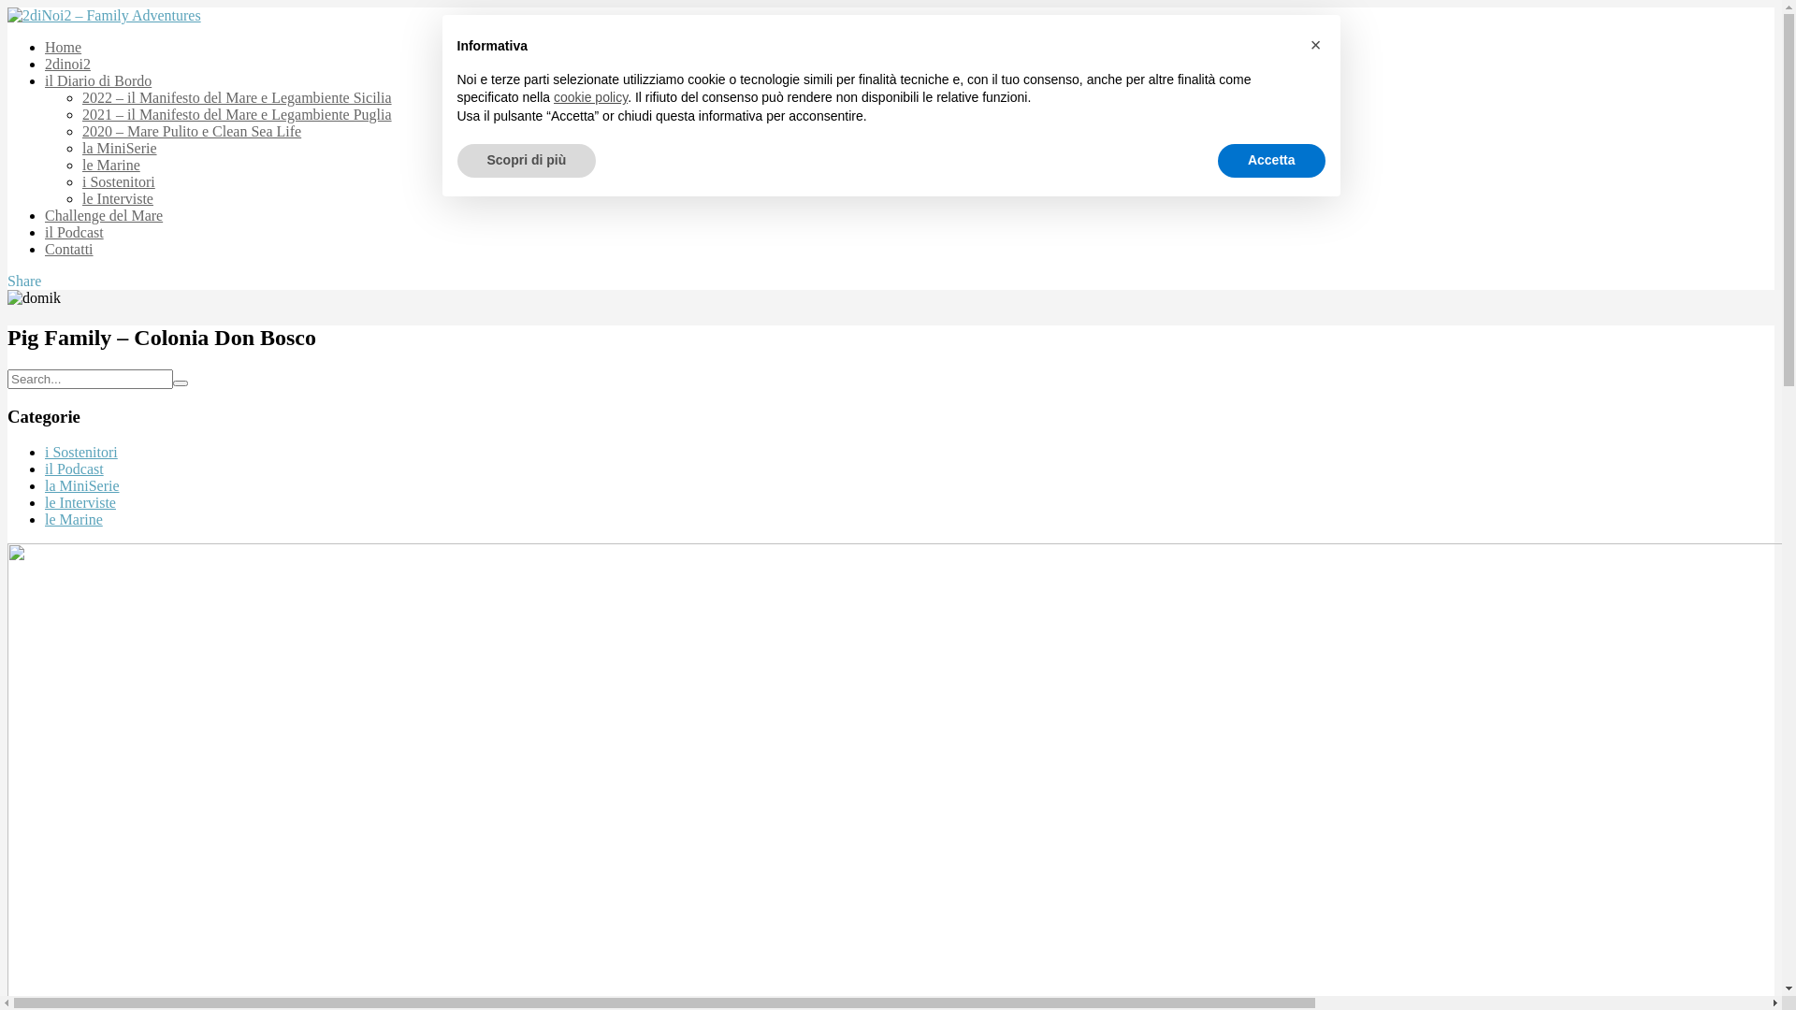 The width and height of the screenshot is (1796, 1010). I want to click on 'Contatti', so click(68, 248).